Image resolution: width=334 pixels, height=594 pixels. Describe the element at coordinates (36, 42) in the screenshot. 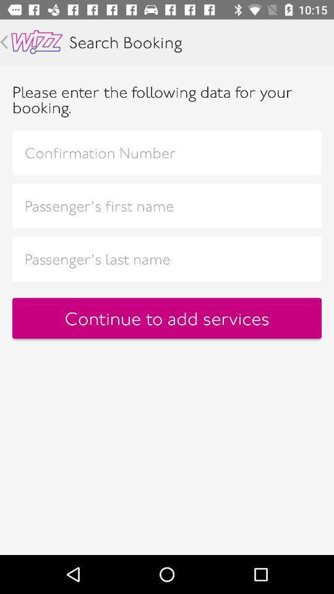

I see `app name` at that location.